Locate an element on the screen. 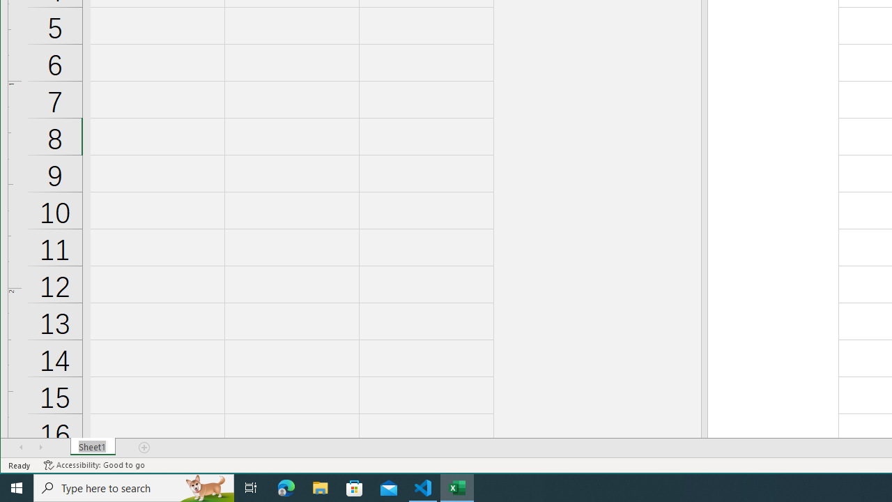  'File Explorer' is located at coordinates (320, 487).